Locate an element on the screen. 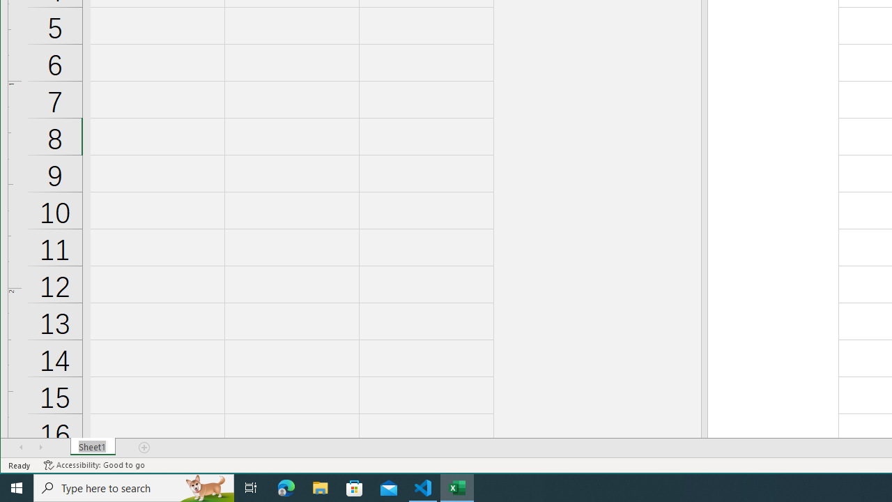  'File Explorer' is located at coordinates (320, 487).